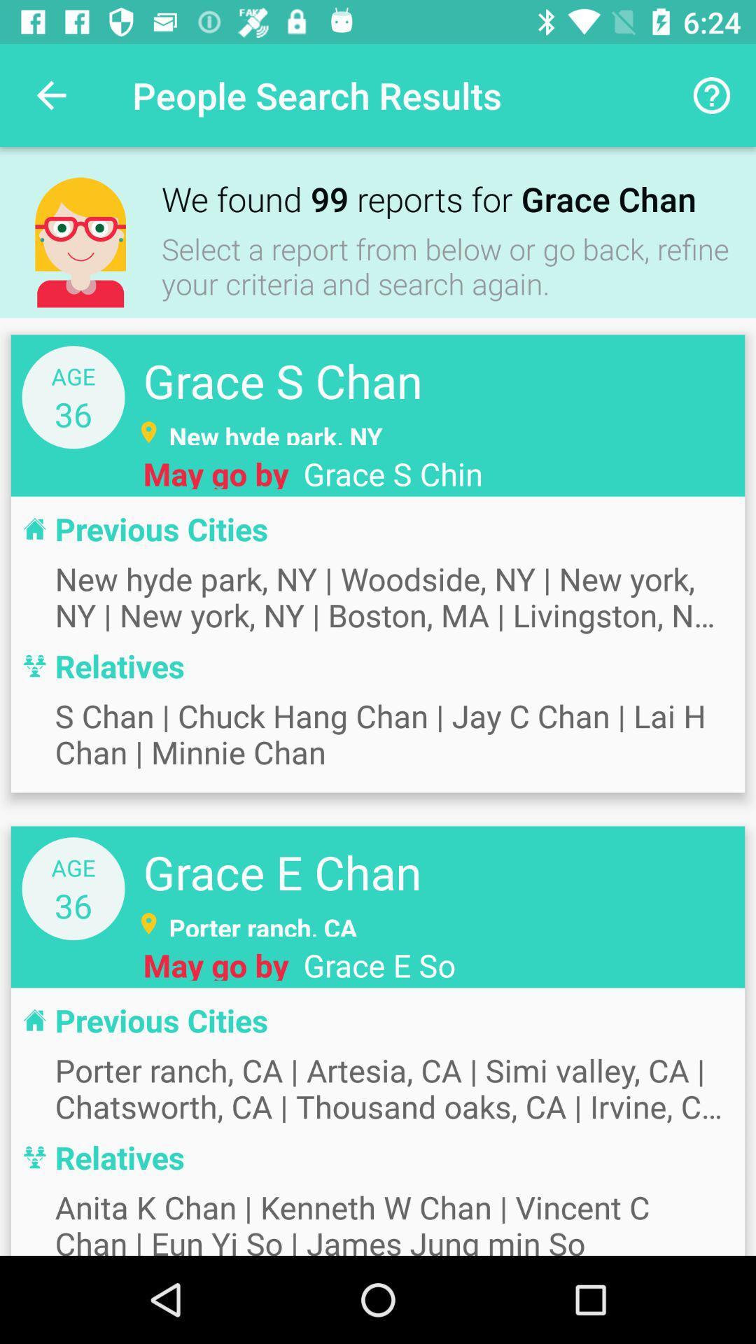  I want to click on the item next to people search results icon, so click(50, 94).